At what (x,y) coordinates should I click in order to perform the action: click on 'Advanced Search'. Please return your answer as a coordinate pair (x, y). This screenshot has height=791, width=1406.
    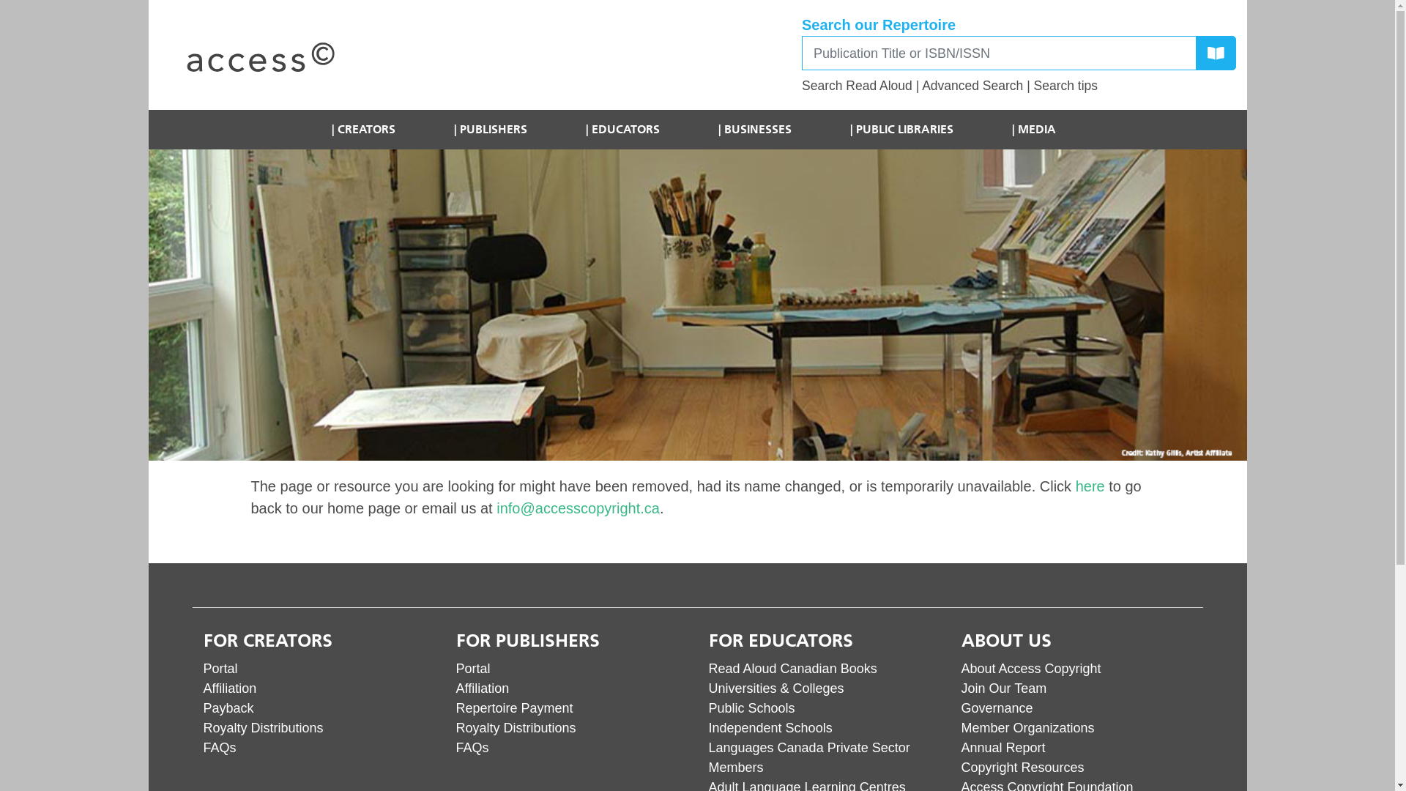
    Looking at the image, I should click on (972, 85).